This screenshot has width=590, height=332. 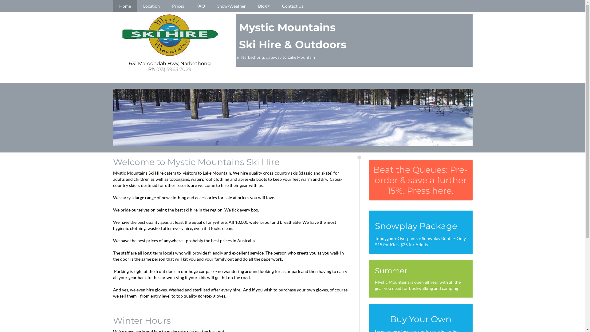 What do you see at coordinates (141, 320) in the screenshot?
I see `'Winter Hours'` at bounding box center [141, 320].